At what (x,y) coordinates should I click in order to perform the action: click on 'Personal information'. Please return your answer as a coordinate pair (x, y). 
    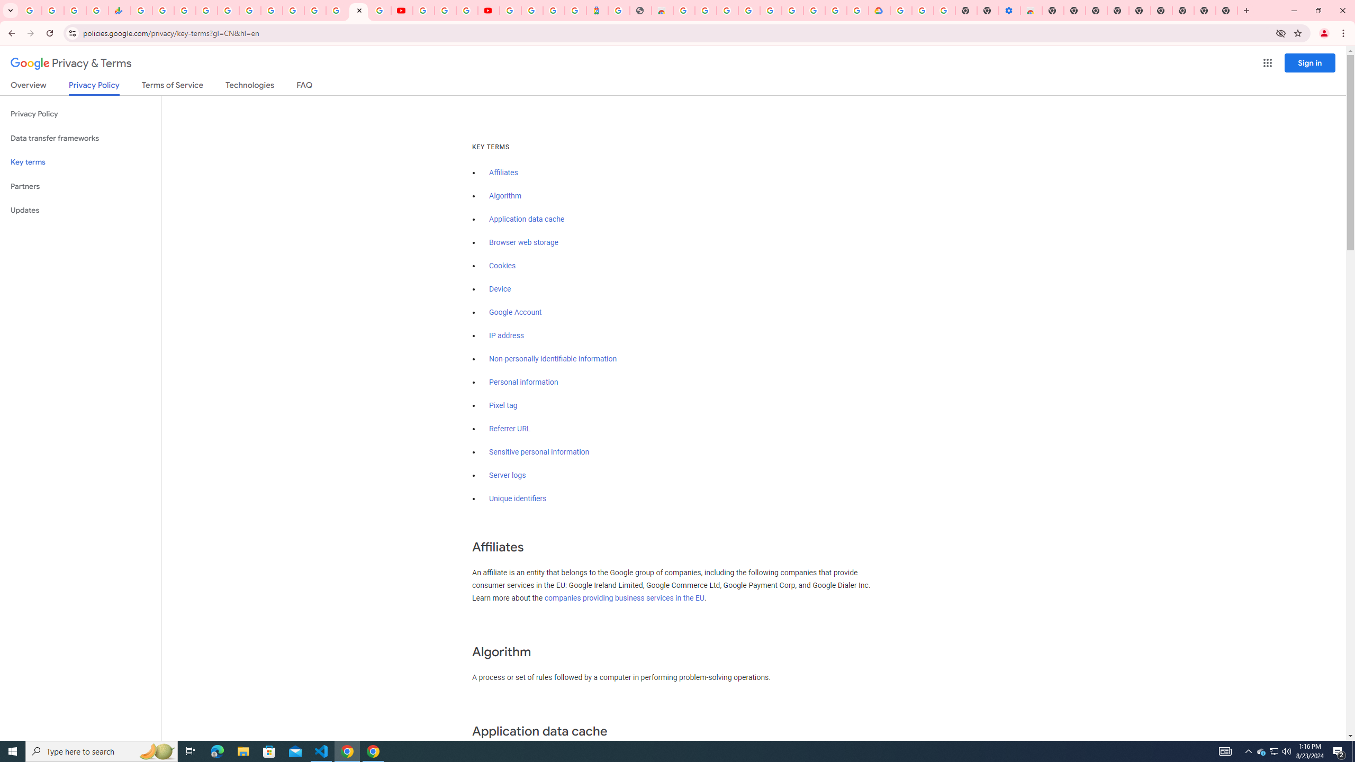
    Looking at the image, I should click on (523, 382).